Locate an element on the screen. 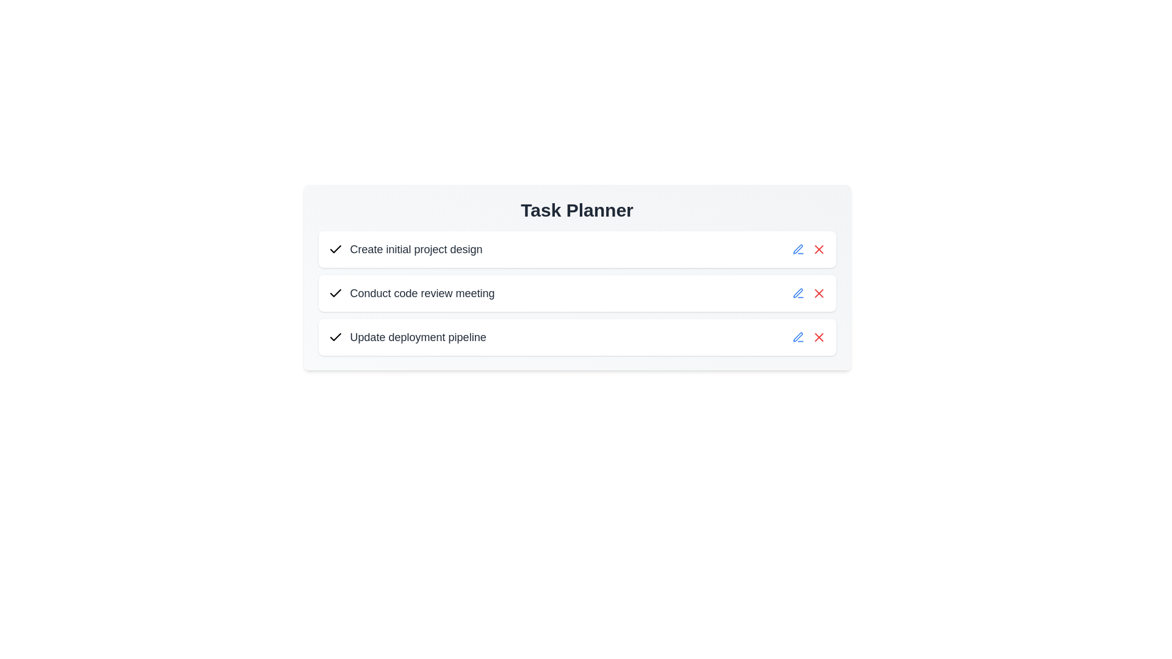 This screenshot has height=659, width=1172. the checkmark SVG element in the first row of the task list is located at coordinates (335, 248).